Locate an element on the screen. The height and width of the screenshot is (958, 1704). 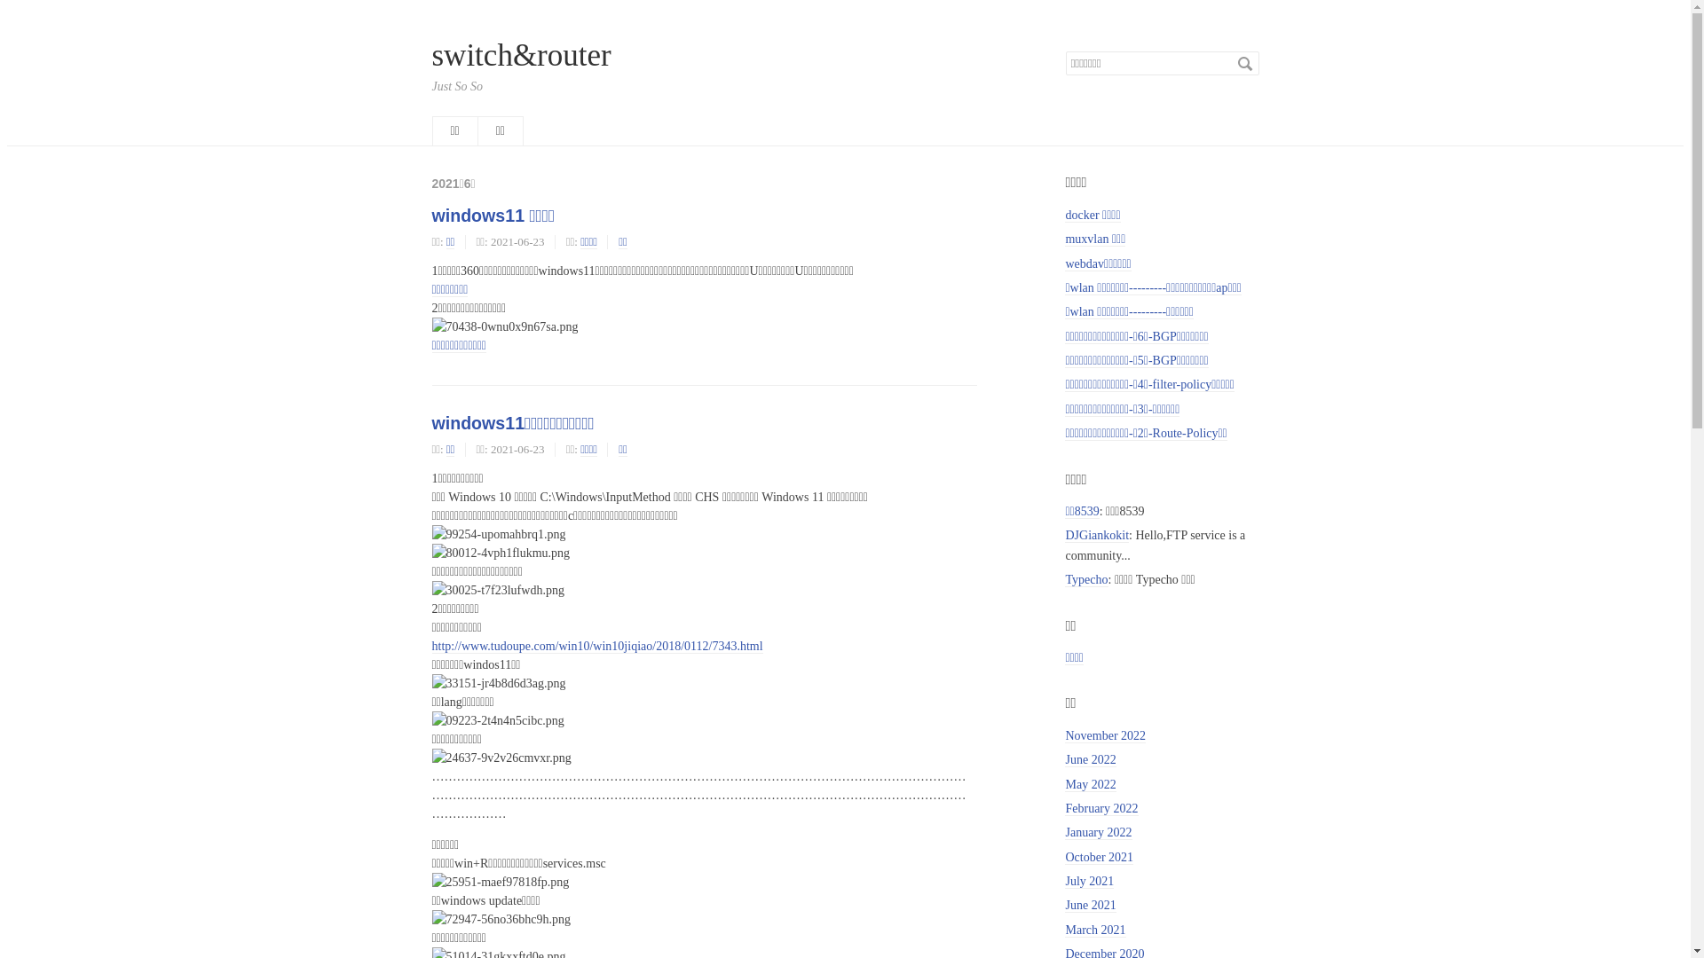
'May 2022' is located at coordinates (1089, 783).